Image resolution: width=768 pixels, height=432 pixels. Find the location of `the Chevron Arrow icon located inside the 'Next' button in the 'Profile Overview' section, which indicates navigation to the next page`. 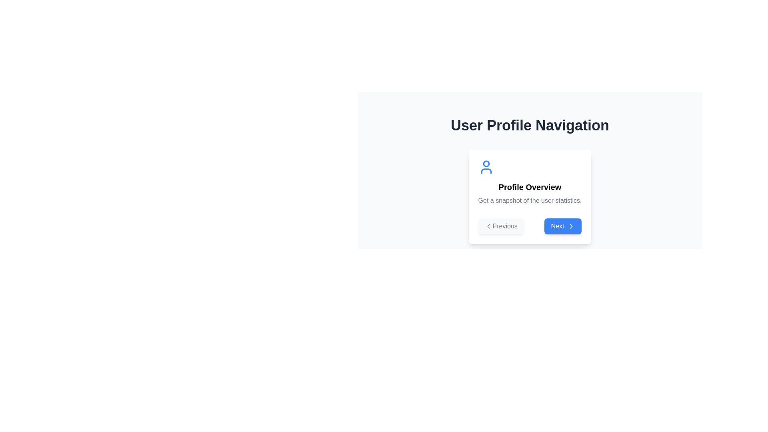

the Chevron Arrow icon located inside the 'Next' button in the 'Profile Overview' section, which indicates navigation to the next page is located at coordinates (571, 226).